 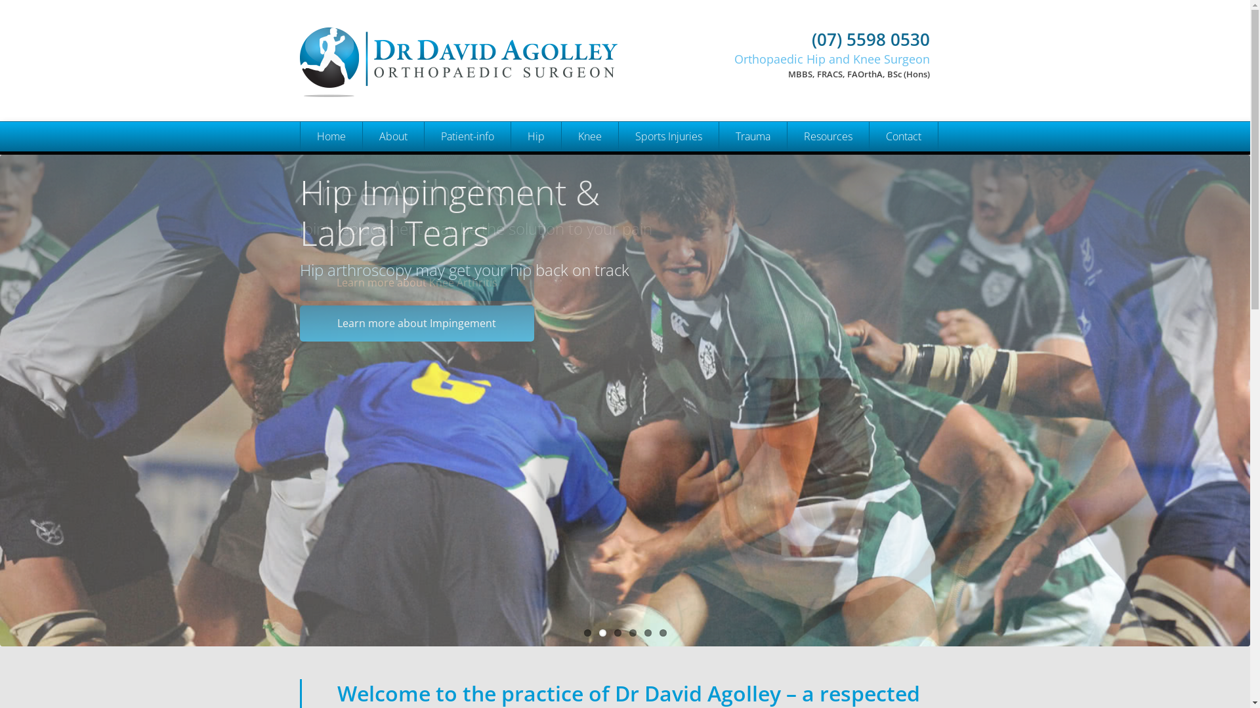 I want to click on '(07) 5598 0530', so click(x=679, y=39).